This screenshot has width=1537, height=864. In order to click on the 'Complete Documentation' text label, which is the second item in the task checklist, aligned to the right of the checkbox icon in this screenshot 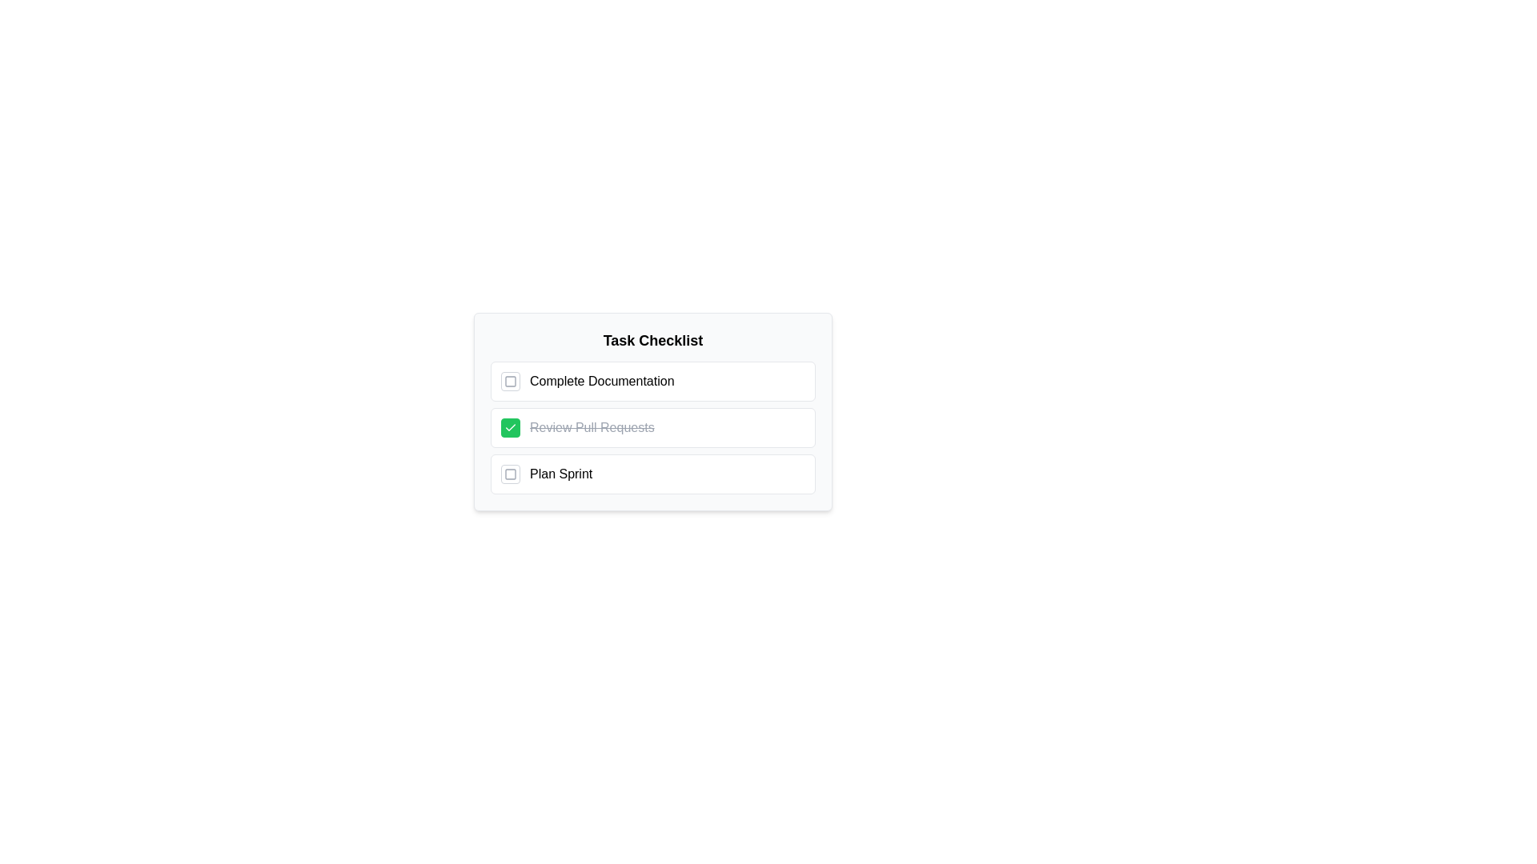, I will do `click(601, 382)`.